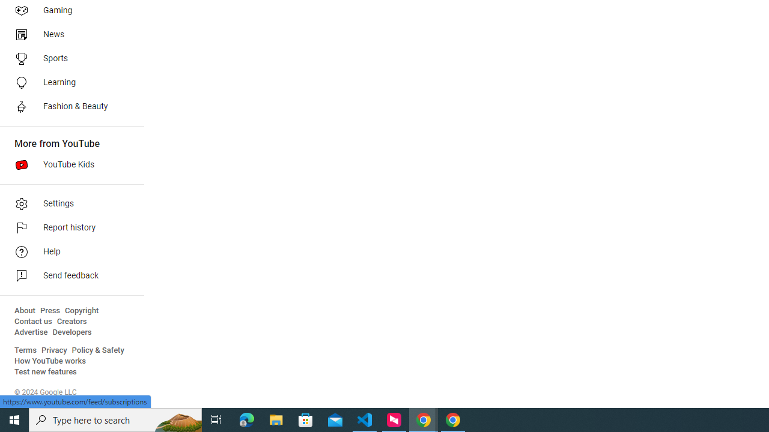 Image resolution: width=769 pixels, height=432 pixels. I want to click on 'Creators', so click(71, 321).